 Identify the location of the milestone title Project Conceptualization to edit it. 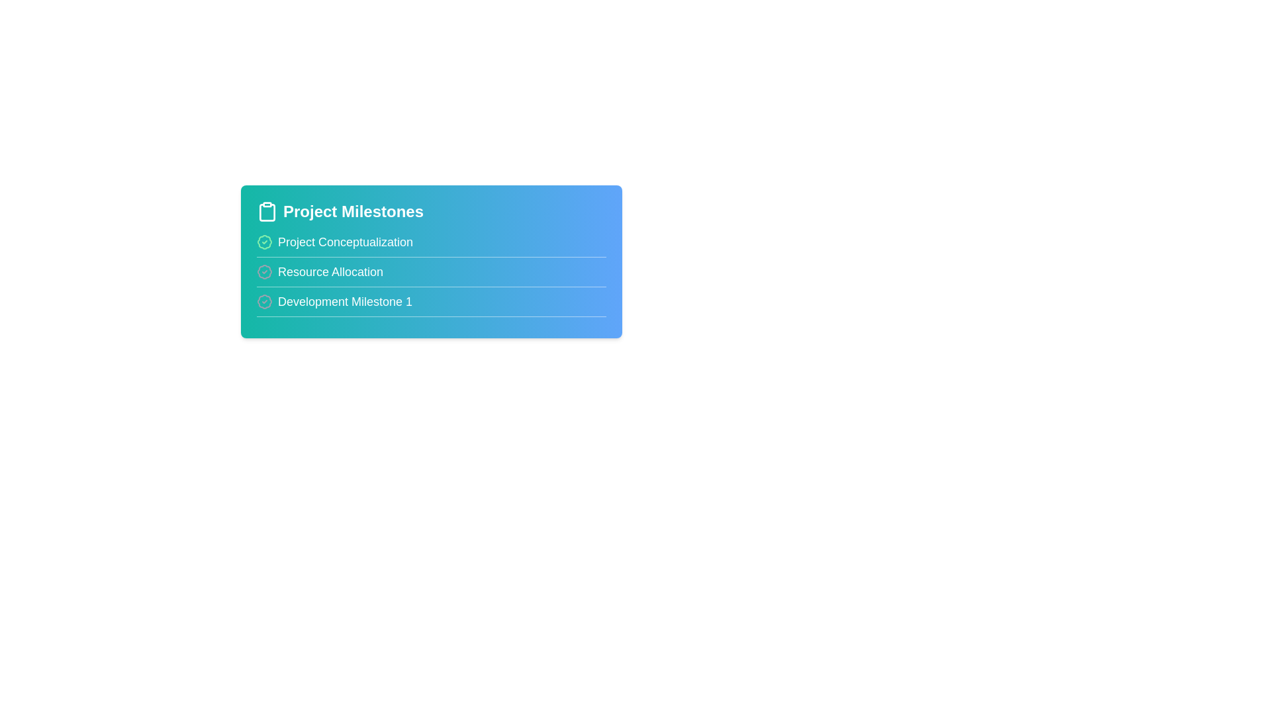
(346, 242).